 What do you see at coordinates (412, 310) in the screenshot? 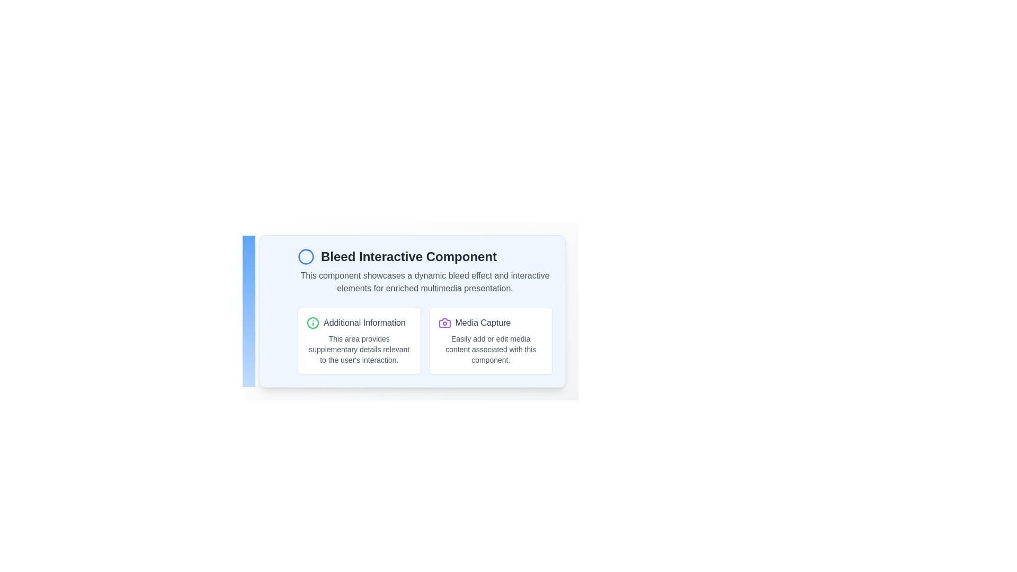
I see `the informational block titled 'Bleed Interactive Component'` at bounding box center [412, 310].